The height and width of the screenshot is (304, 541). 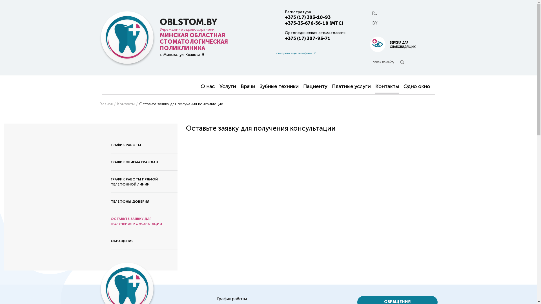 What do you see at coordinates (374, 23) in the screenshot?
I see `'BY'` at bounding box center [374, 23].